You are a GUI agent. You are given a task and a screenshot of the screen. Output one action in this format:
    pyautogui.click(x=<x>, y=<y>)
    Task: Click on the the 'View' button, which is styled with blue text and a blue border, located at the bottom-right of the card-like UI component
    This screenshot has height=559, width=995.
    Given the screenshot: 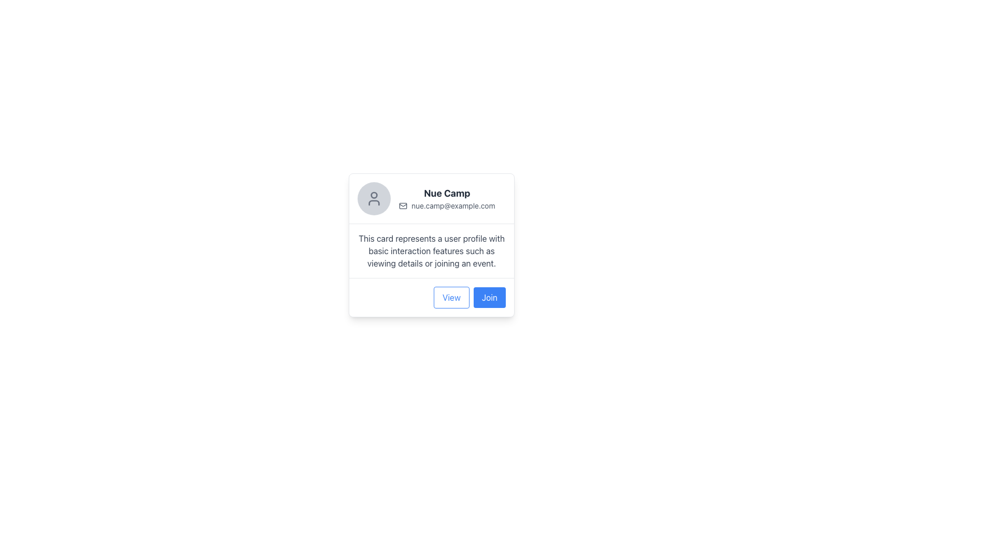 What is the action you would take?
    pyautogui.click(x=451, y=297)
    